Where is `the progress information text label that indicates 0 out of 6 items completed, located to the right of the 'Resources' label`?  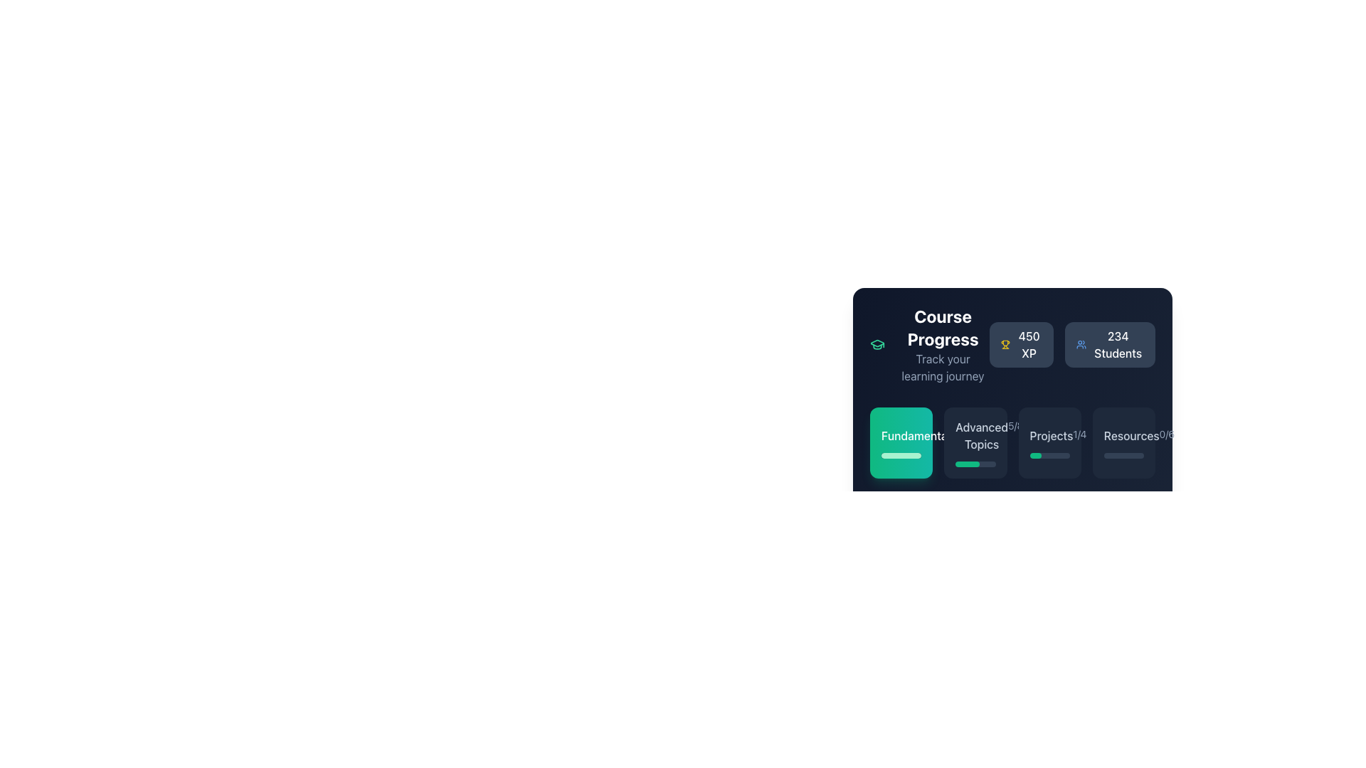 the progress information text label that indicates 0 out of 6 items completed, located to the right of the 'Resources' label is located at coordinates (1167, 433).